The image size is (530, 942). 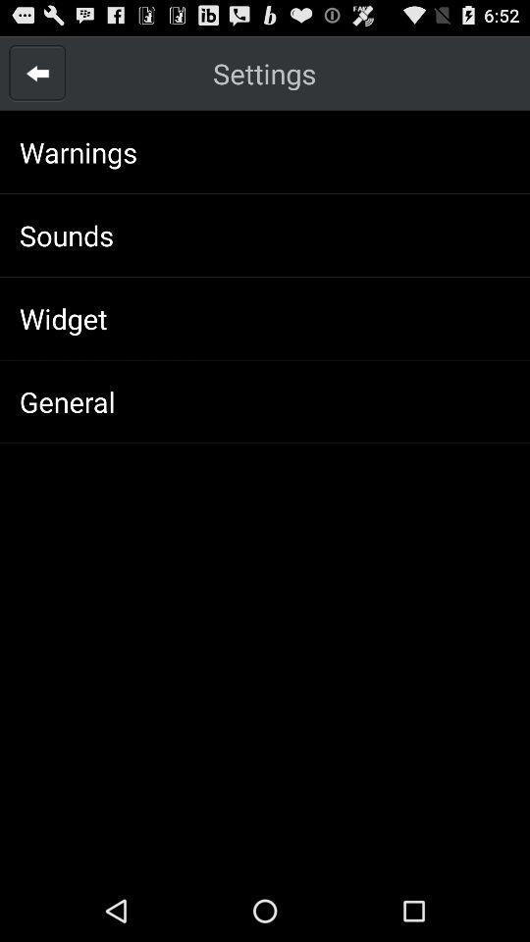 I want to click on sounds icon, so click(x=66, y=235).